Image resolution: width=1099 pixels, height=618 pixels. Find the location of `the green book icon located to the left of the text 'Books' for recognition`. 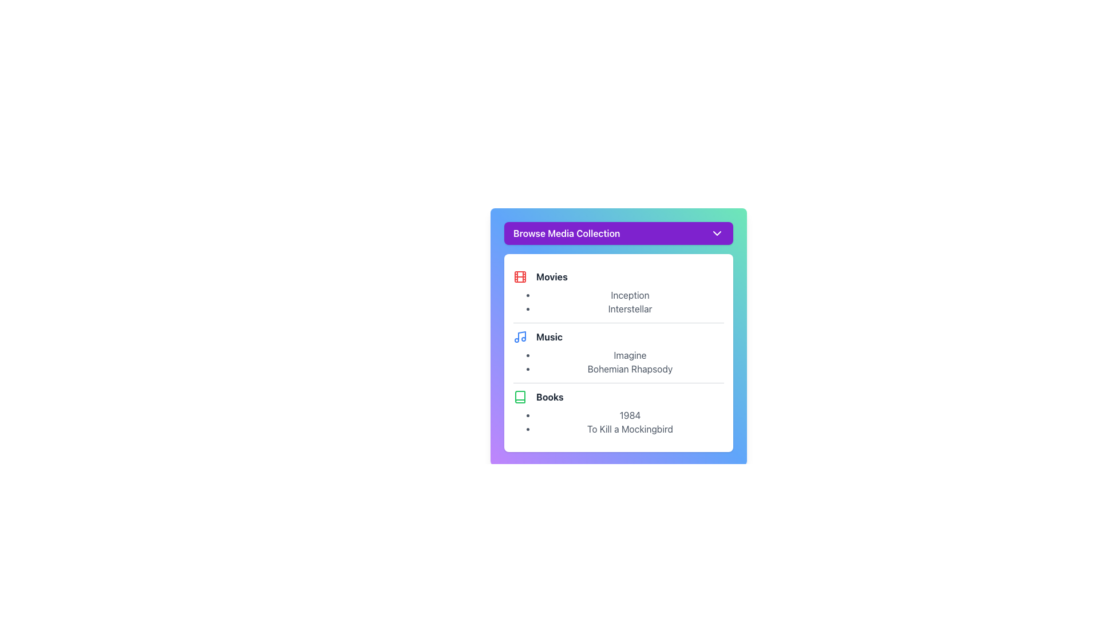

the green book icon located to the left of the text 'Books' for recognition is located at coordinates (519, 397).